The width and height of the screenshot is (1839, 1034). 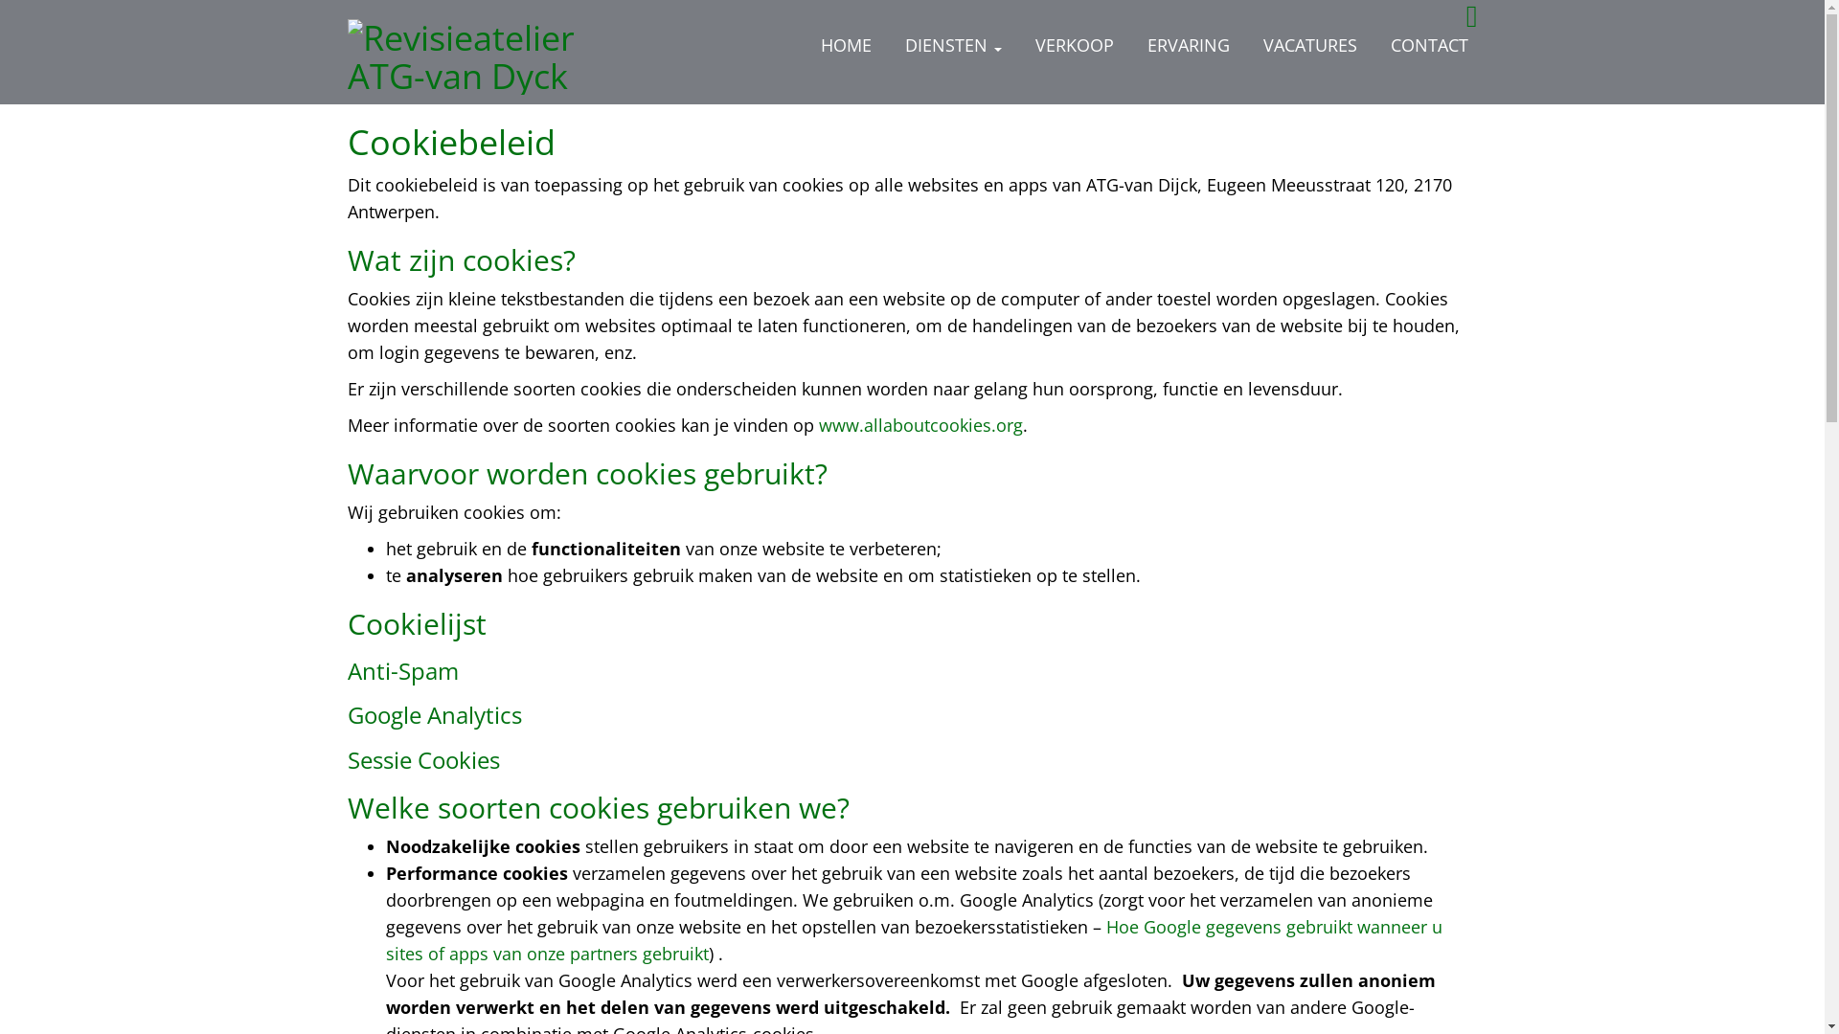 I want to click on 'DIENSTEN', so click(x=952, y=44).